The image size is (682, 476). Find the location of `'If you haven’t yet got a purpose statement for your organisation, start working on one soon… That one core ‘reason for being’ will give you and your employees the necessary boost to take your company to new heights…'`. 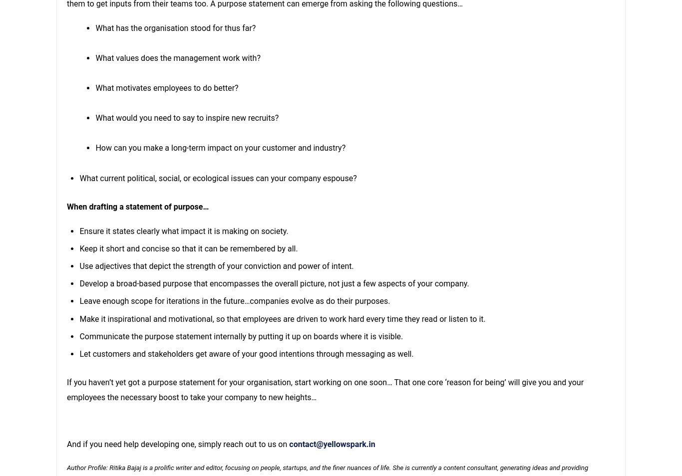

'If you haven’t yet got a purpose statement for your organisation, start working on one soon… That one core ‘reason for being’ will give you and your employees the necessary boost to take your company to new heights…' is located at coordinates (325, 390).